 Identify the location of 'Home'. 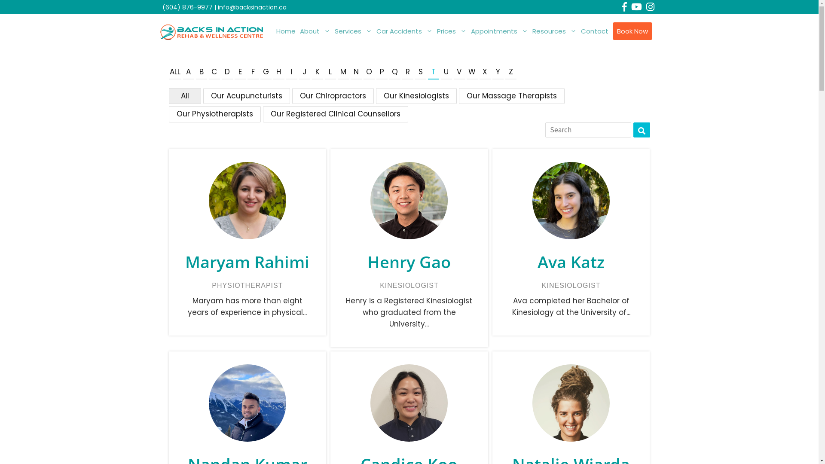
(274, 31).